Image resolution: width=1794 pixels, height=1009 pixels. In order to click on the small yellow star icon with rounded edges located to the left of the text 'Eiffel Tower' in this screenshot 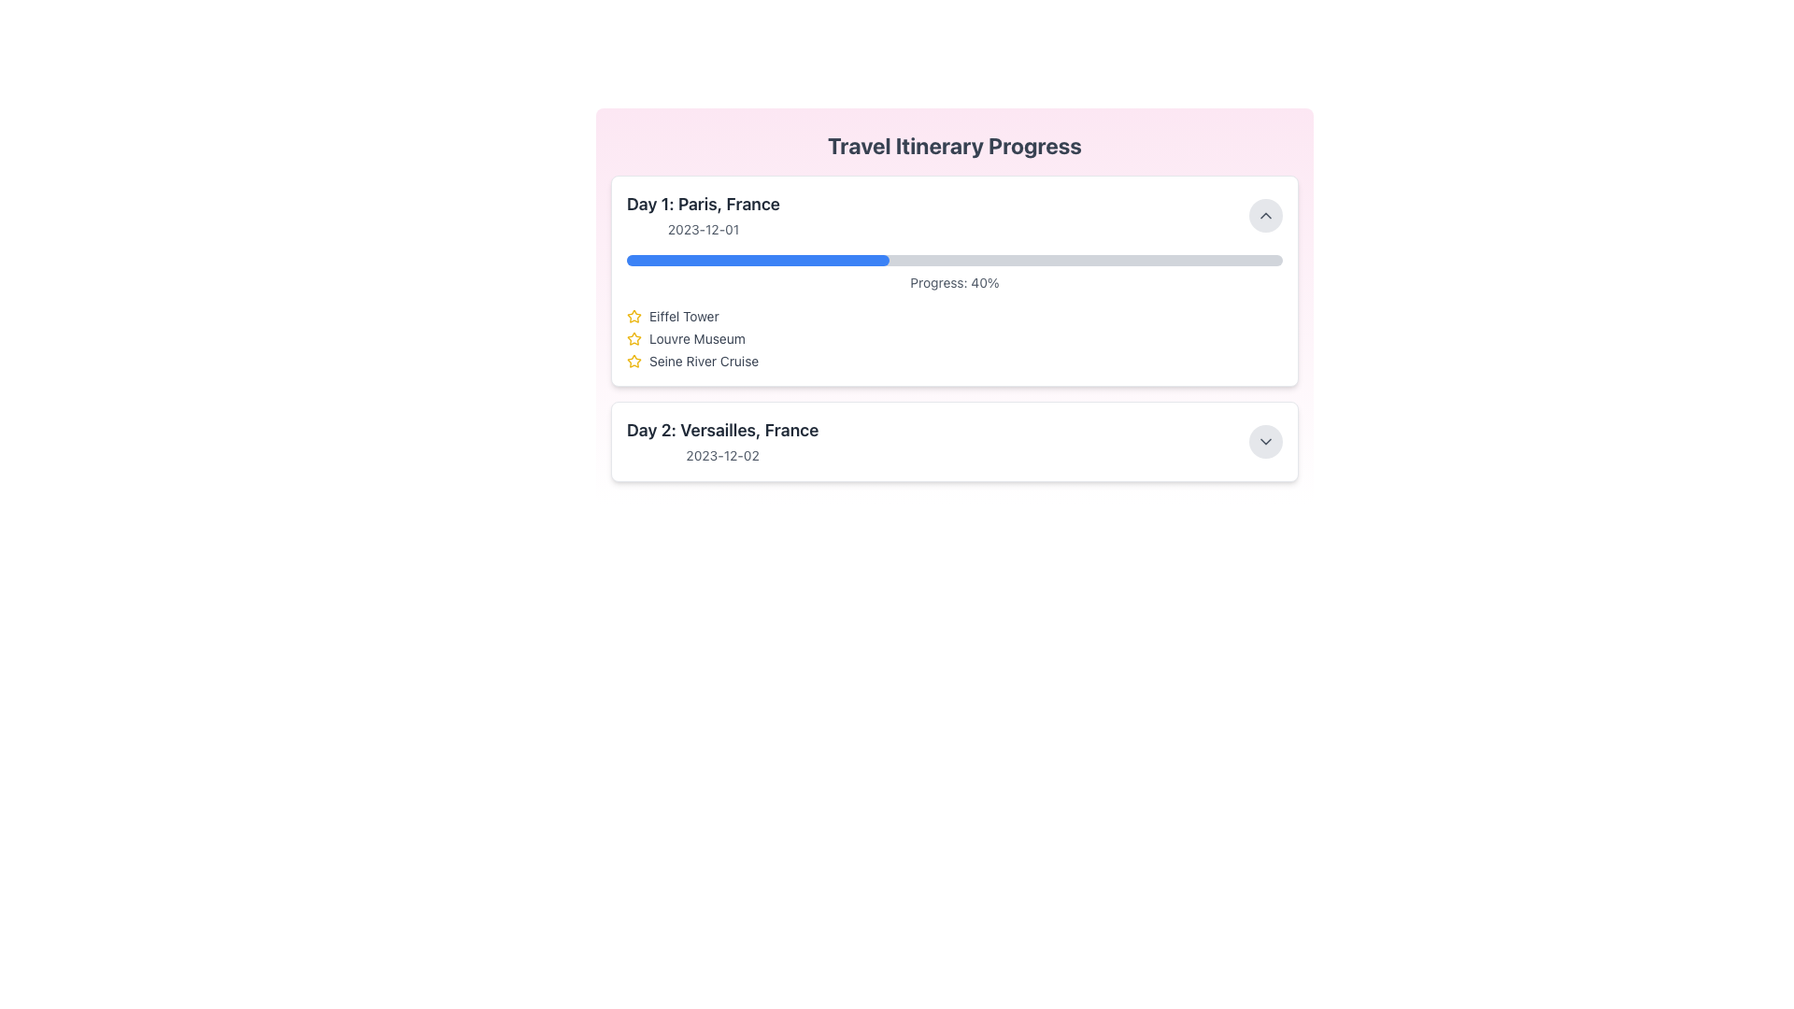, I will do `click(634, 316)`.